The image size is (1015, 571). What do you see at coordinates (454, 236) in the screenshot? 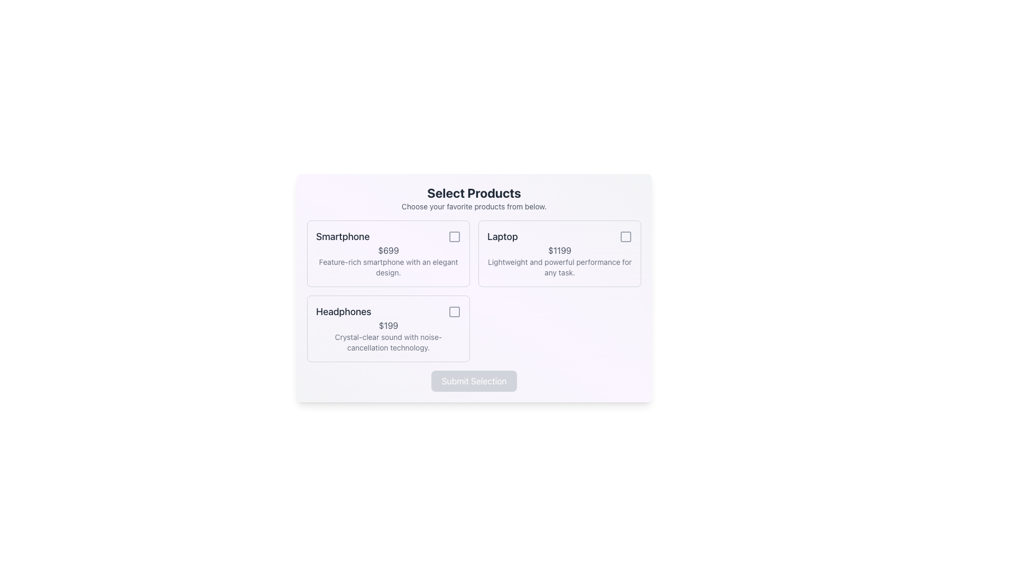
I see `the square-shaped checkbox icon located next to the 'Smartphone' product label` at bounding box center [454, 236].